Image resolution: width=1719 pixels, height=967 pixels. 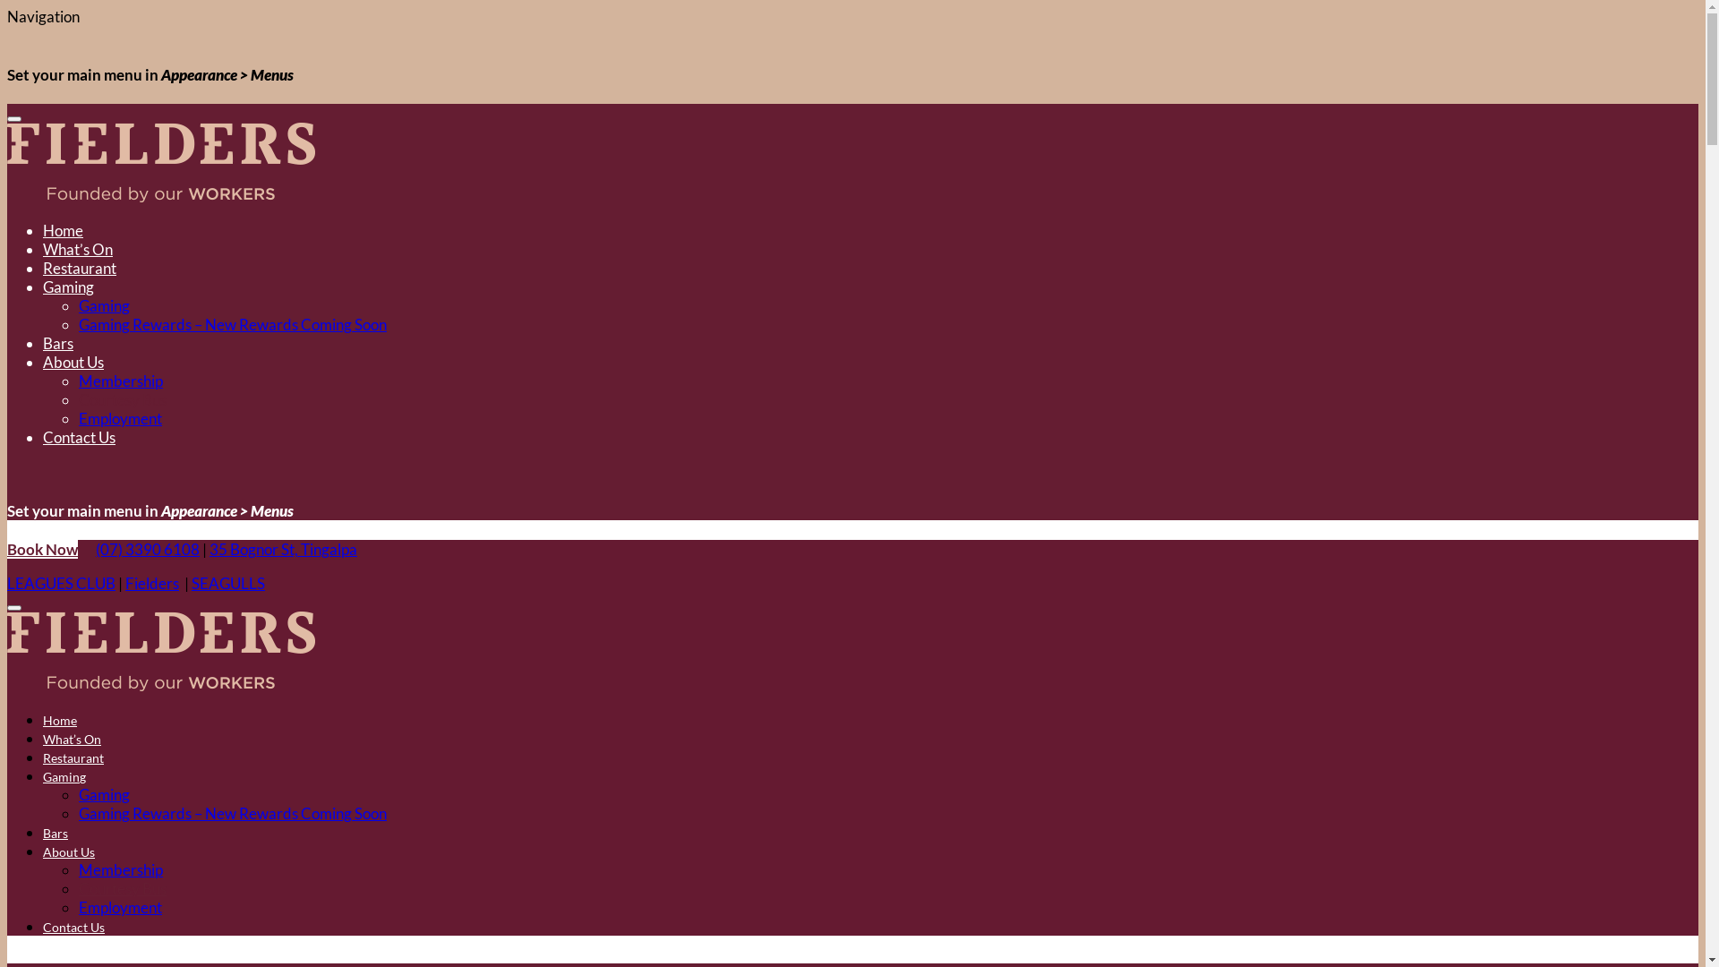 What do you see at coordinates (151, 583) in the screenshot?
I see `'Fielders'` at bounding box center [151, 583].